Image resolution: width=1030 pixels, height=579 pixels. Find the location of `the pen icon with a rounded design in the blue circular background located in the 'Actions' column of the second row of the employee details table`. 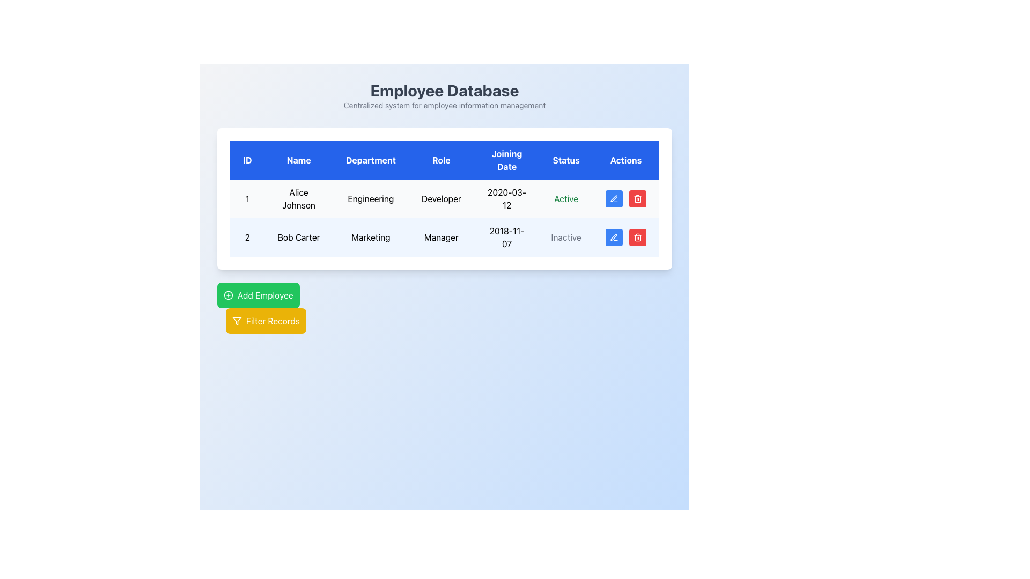

the pen icon with a rounded design in the blue circular background located in the 'Actions' column of the second row of the employee details table is located at coordinates (614, 237).